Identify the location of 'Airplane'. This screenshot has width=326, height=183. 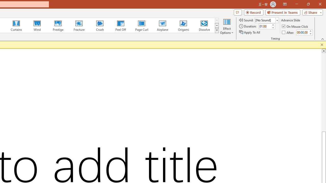
(162, 25).